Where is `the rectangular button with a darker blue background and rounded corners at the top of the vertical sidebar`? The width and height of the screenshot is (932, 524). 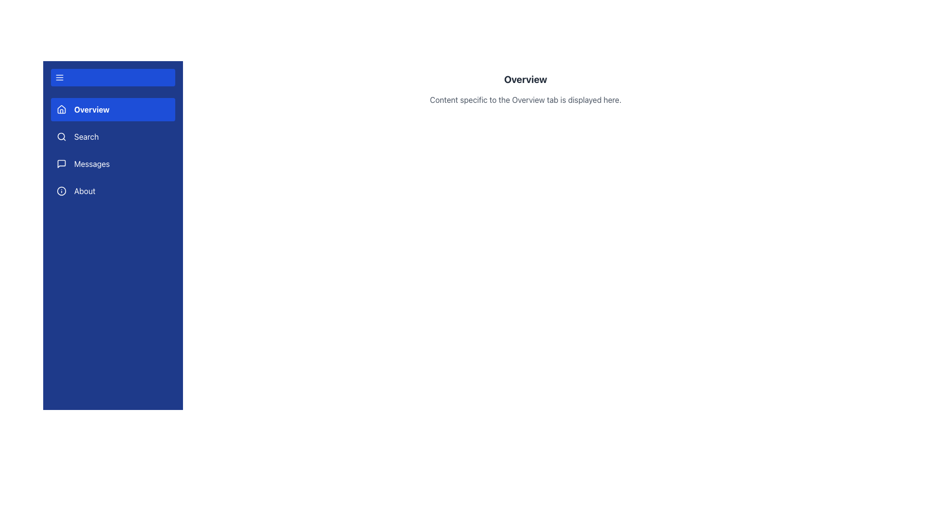 the rectangular button with a darker blue background and rounded corners at the top of the vertical sidebar is located at coordinates (113, 77).